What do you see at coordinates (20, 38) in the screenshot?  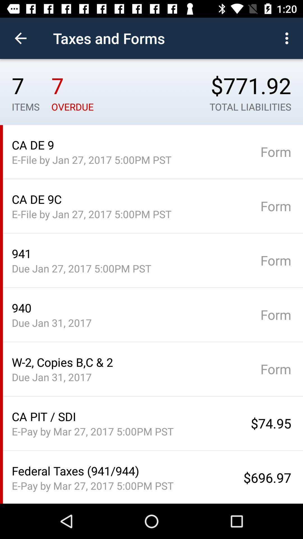 I see `item above 7` at bounding box center [20, 38].